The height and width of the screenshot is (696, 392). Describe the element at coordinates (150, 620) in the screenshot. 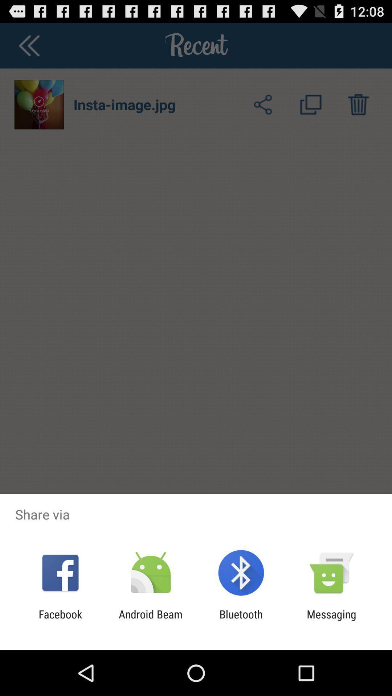

I see `app next to facebook app` at that location.